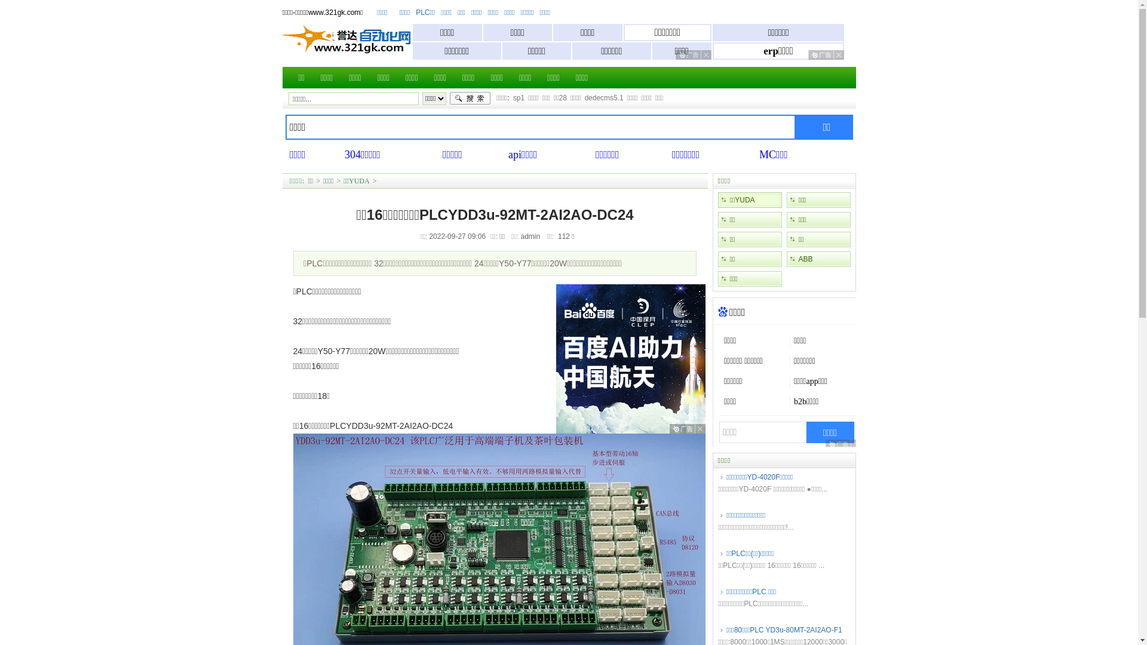  I want to click on 'sp1', so click(519, 97).